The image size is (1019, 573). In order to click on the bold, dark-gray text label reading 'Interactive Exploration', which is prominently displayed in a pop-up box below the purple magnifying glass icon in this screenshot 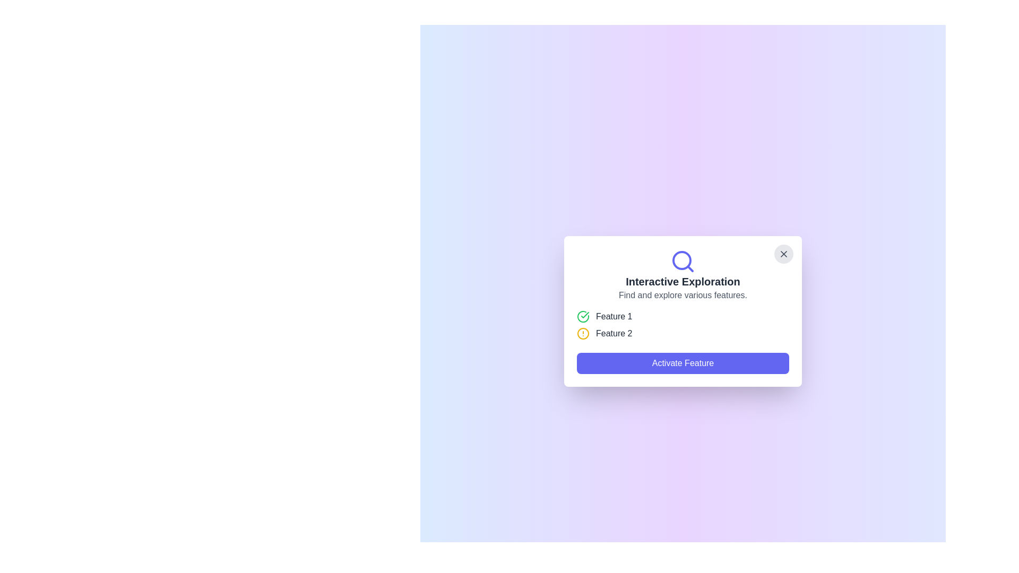, I will do `click(683, 281)`.